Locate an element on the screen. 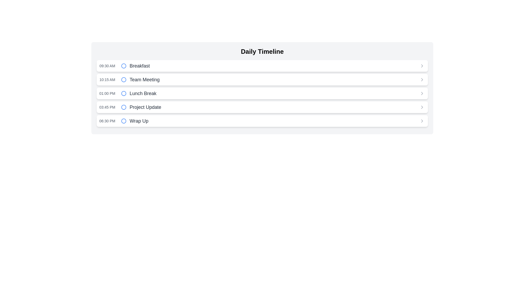  the navigation icon located at the far right of the row containing '09:30 AM Breakfast' is located at coordinates (422, 66).